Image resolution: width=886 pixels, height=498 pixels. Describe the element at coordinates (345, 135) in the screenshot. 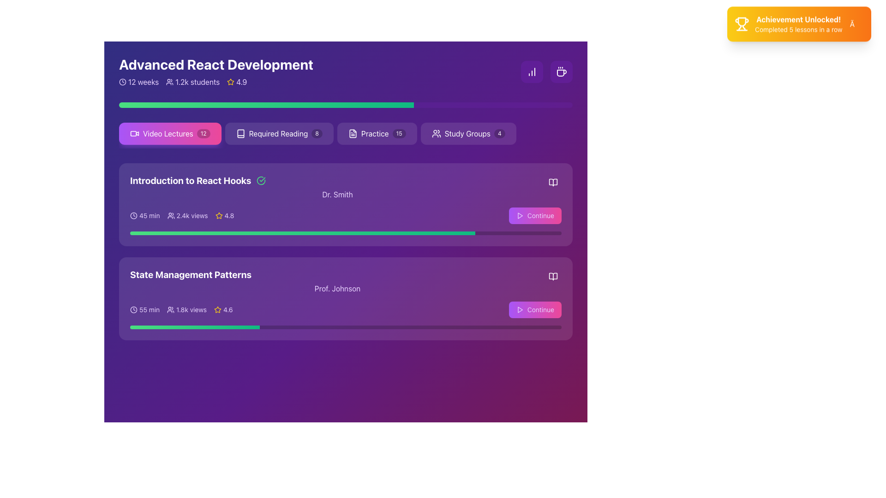

I see `the 'Video Lectures' navigation button` at that location.